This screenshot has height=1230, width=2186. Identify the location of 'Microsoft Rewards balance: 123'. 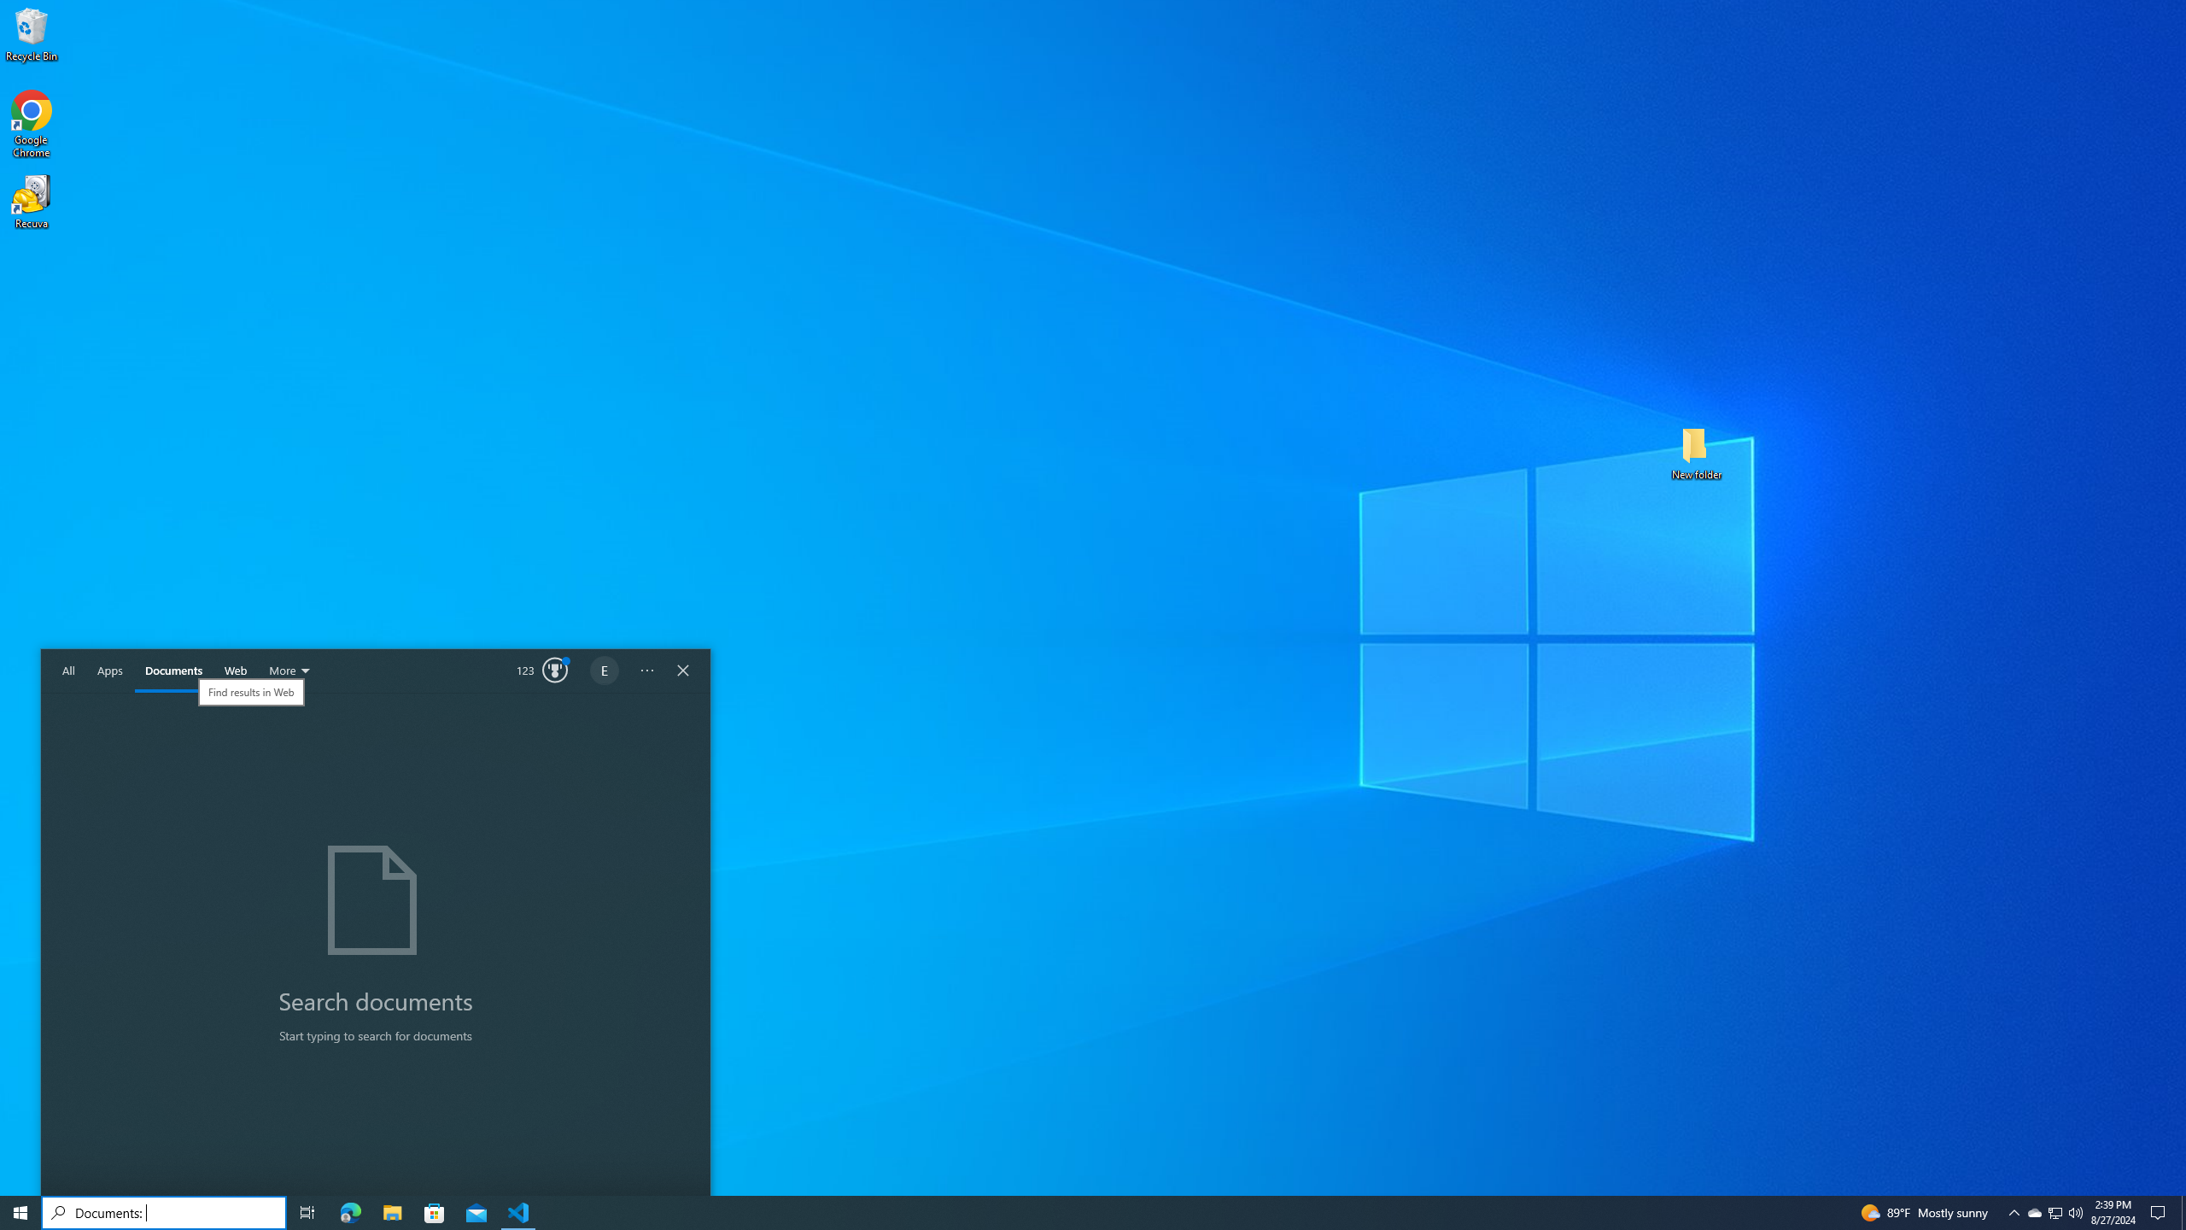
(542, 671).